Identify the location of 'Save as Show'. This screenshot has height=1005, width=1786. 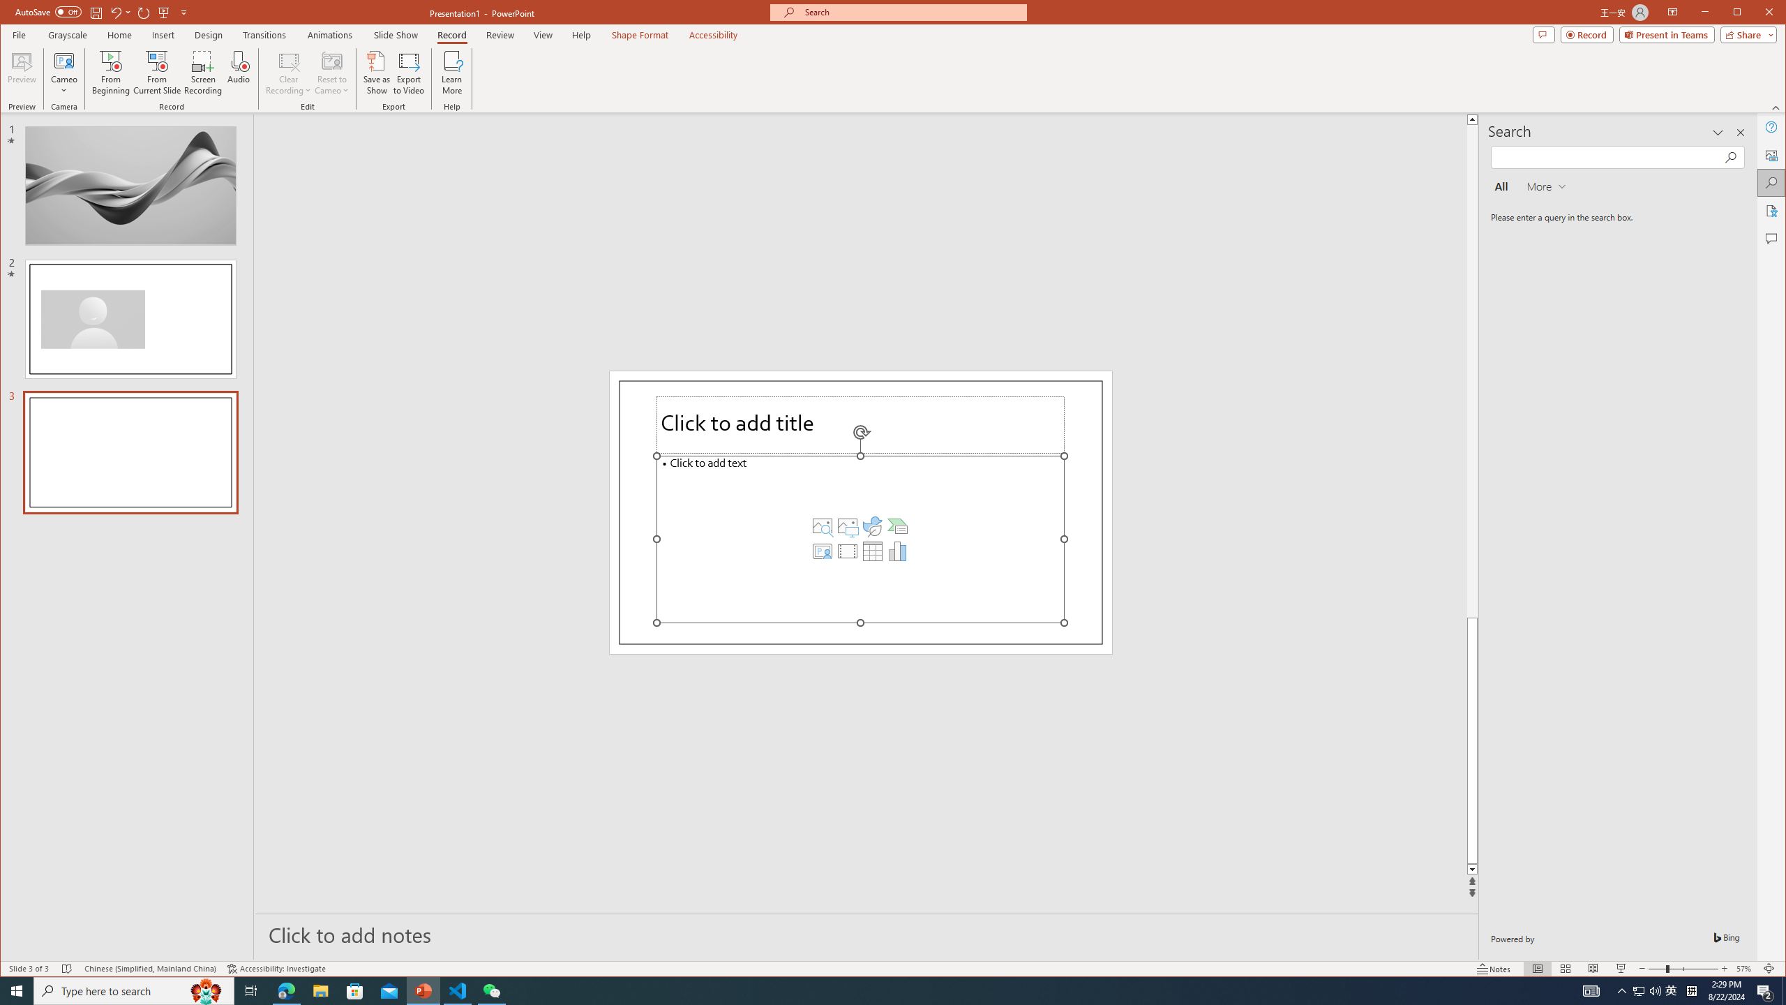
(377, 72).